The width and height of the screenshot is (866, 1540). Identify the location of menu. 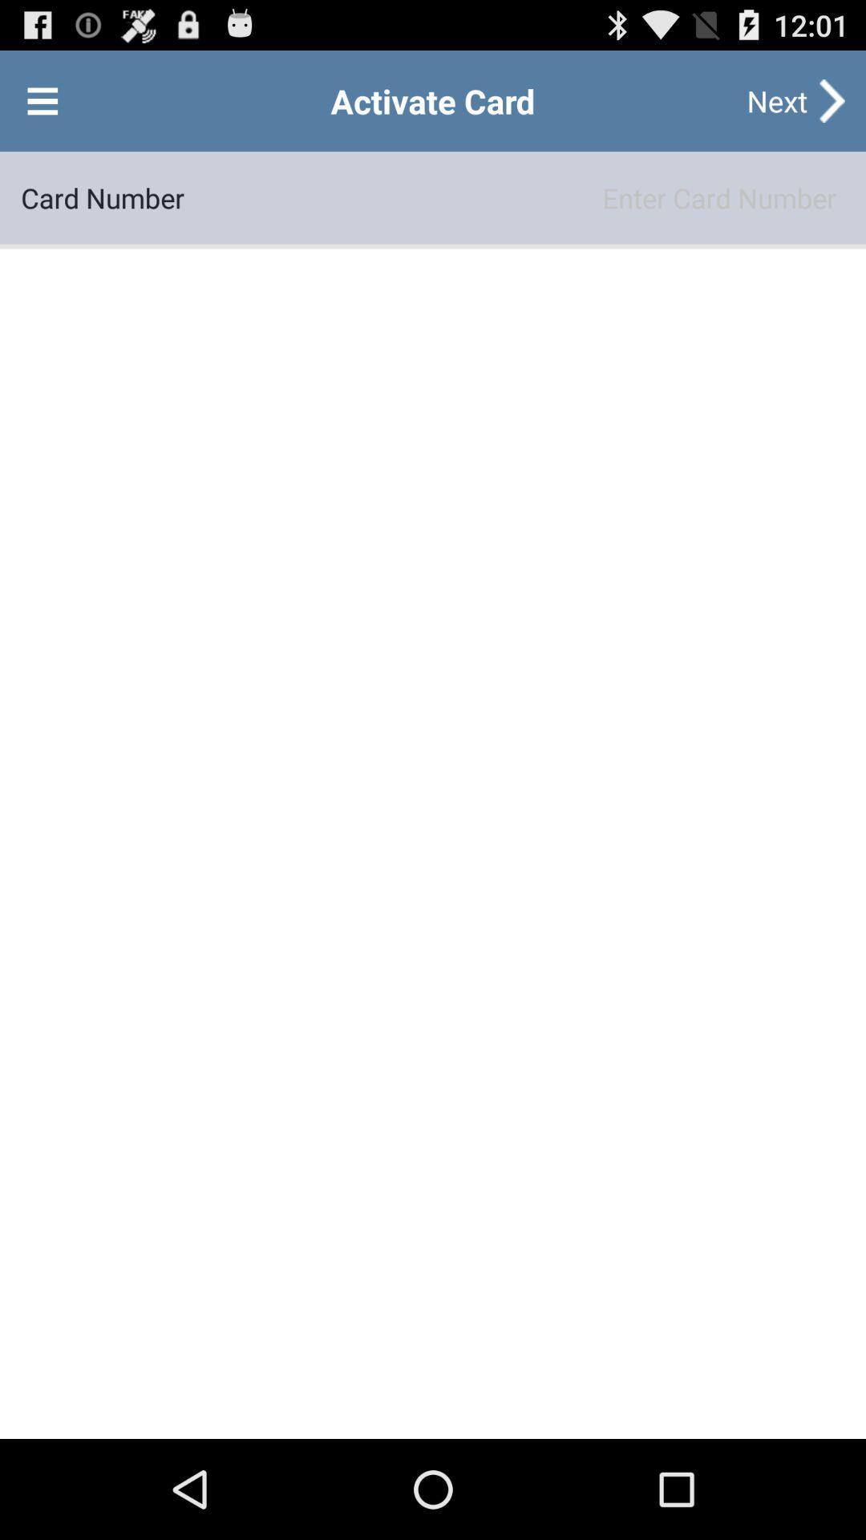
(42, 99).